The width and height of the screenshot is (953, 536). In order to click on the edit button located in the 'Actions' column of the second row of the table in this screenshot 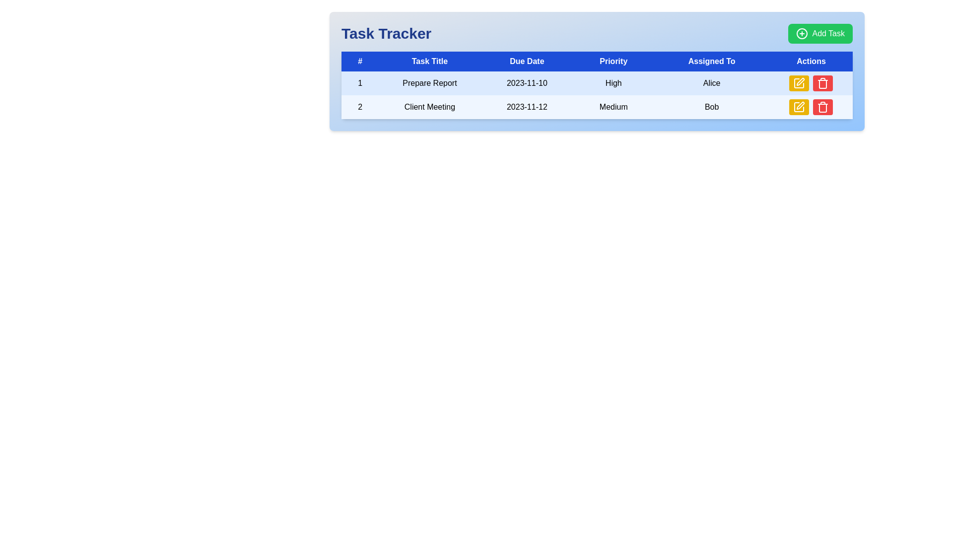, I will do `click(799, 107)`.